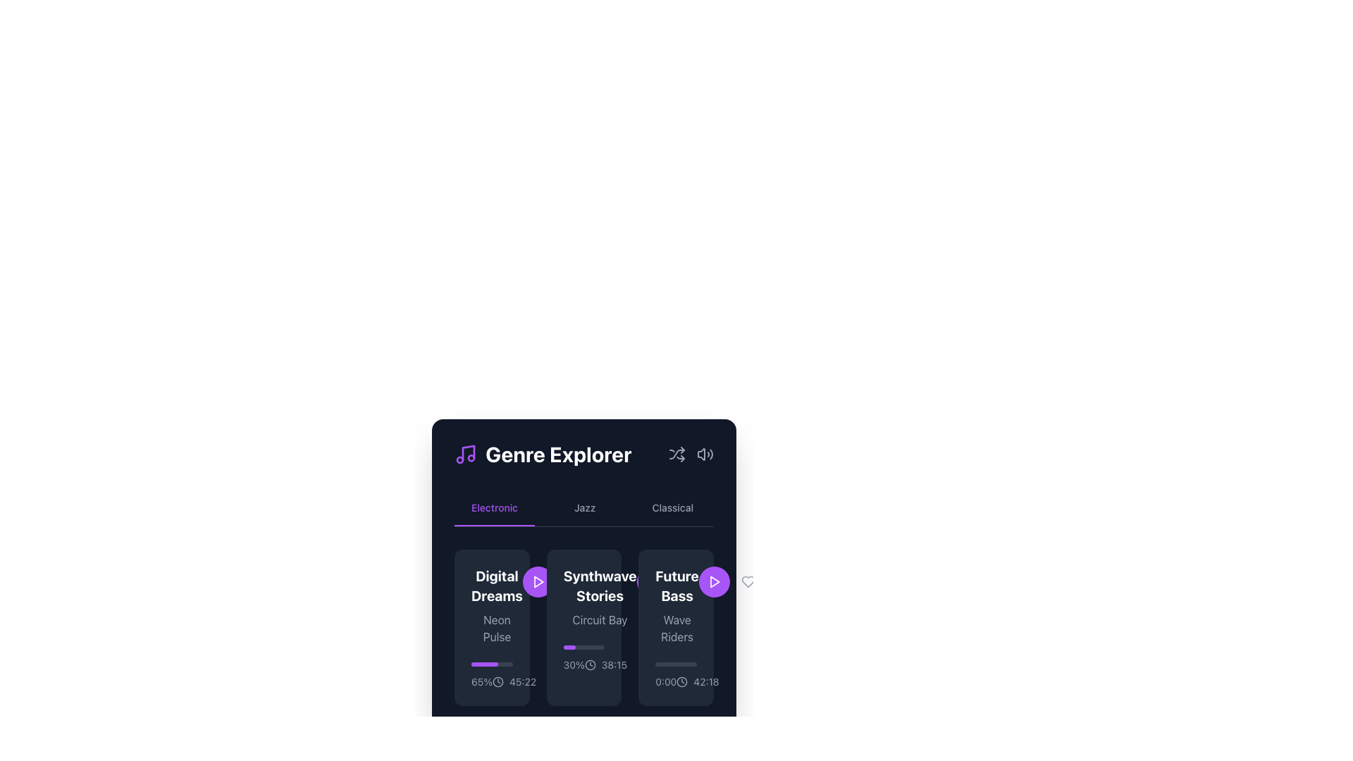 The image size is (1353, 761). What do you see at coordinates (711, 581) in the screenshot?
I see `the Icon Button styled as an ellipsis icon, characterized by three evenly spaced dots` at bounding box center [711, 581].